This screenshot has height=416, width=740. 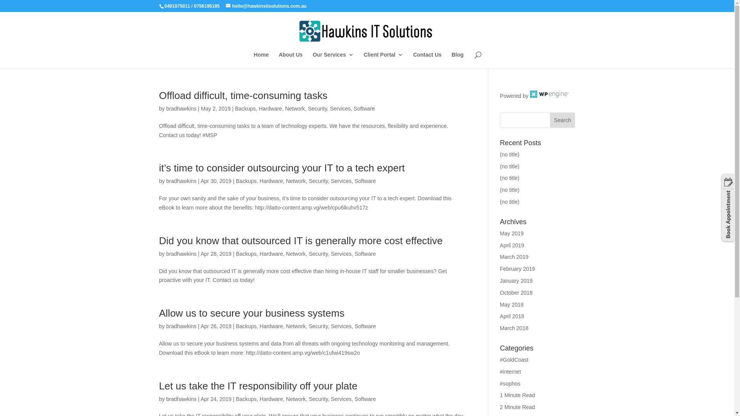 What do you see at coordinates (510, 371) in the screenshot?
I see `'#internet'` at bounding box center [510, 371].